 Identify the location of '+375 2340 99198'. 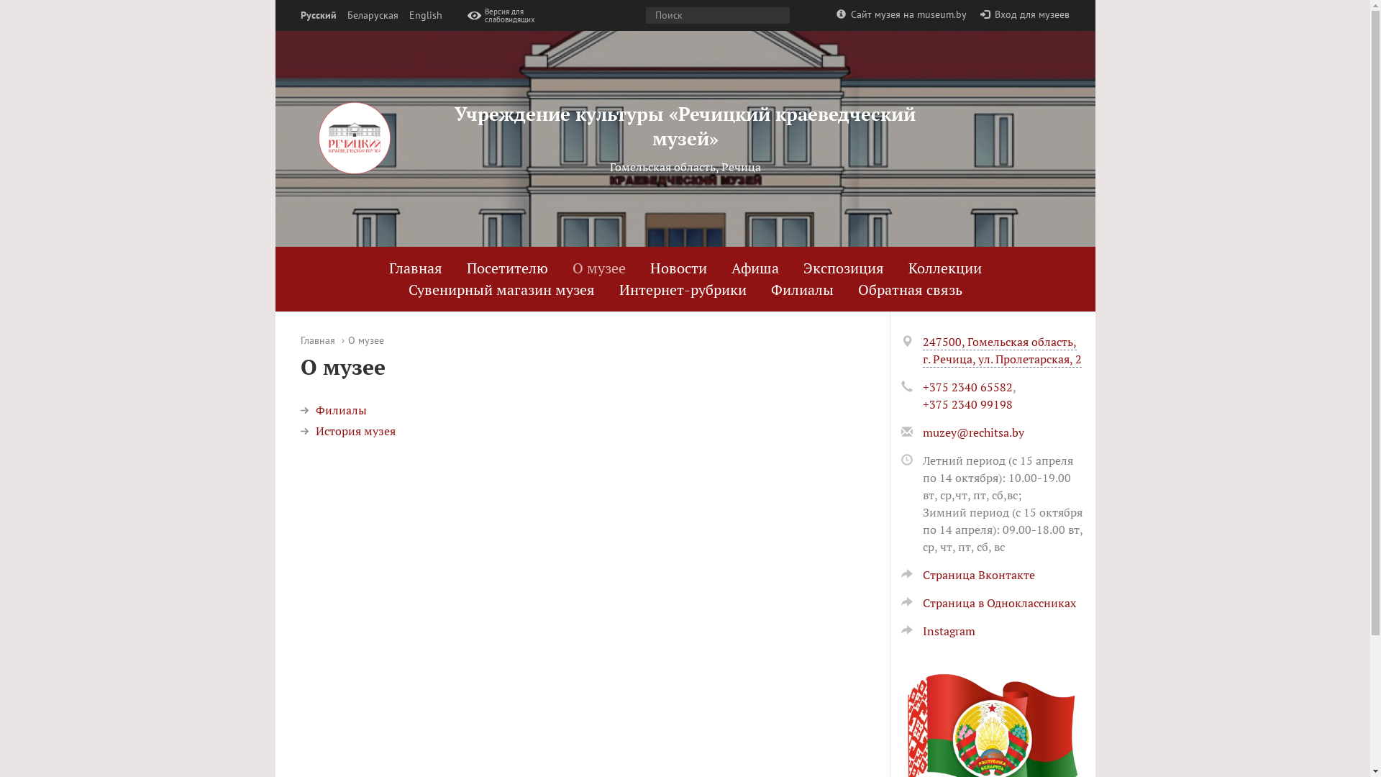
(967, 404).